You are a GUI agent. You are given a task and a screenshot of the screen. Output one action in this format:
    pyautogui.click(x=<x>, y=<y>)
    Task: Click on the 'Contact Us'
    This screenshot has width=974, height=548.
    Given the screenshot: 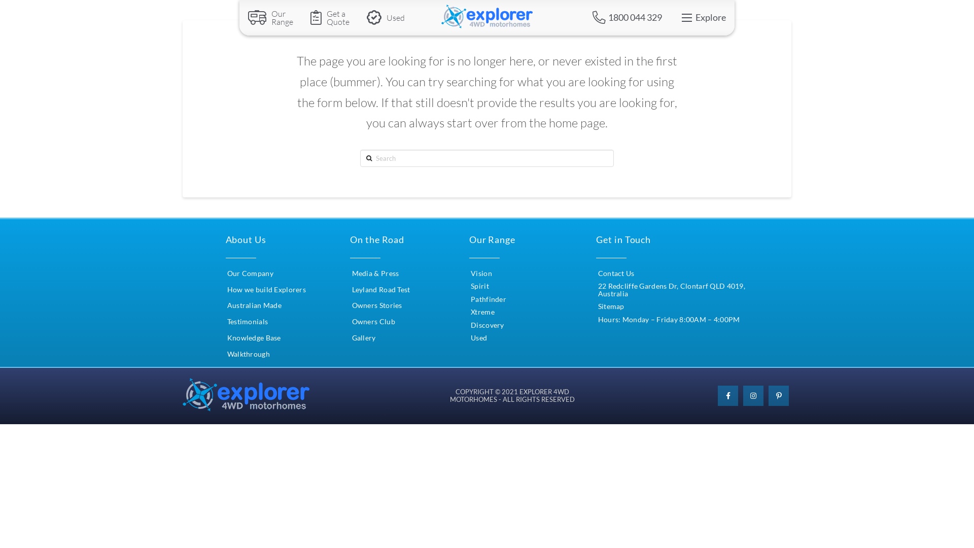 What is the action you would take?
    pyautogui.click(x=615, y=273)
    